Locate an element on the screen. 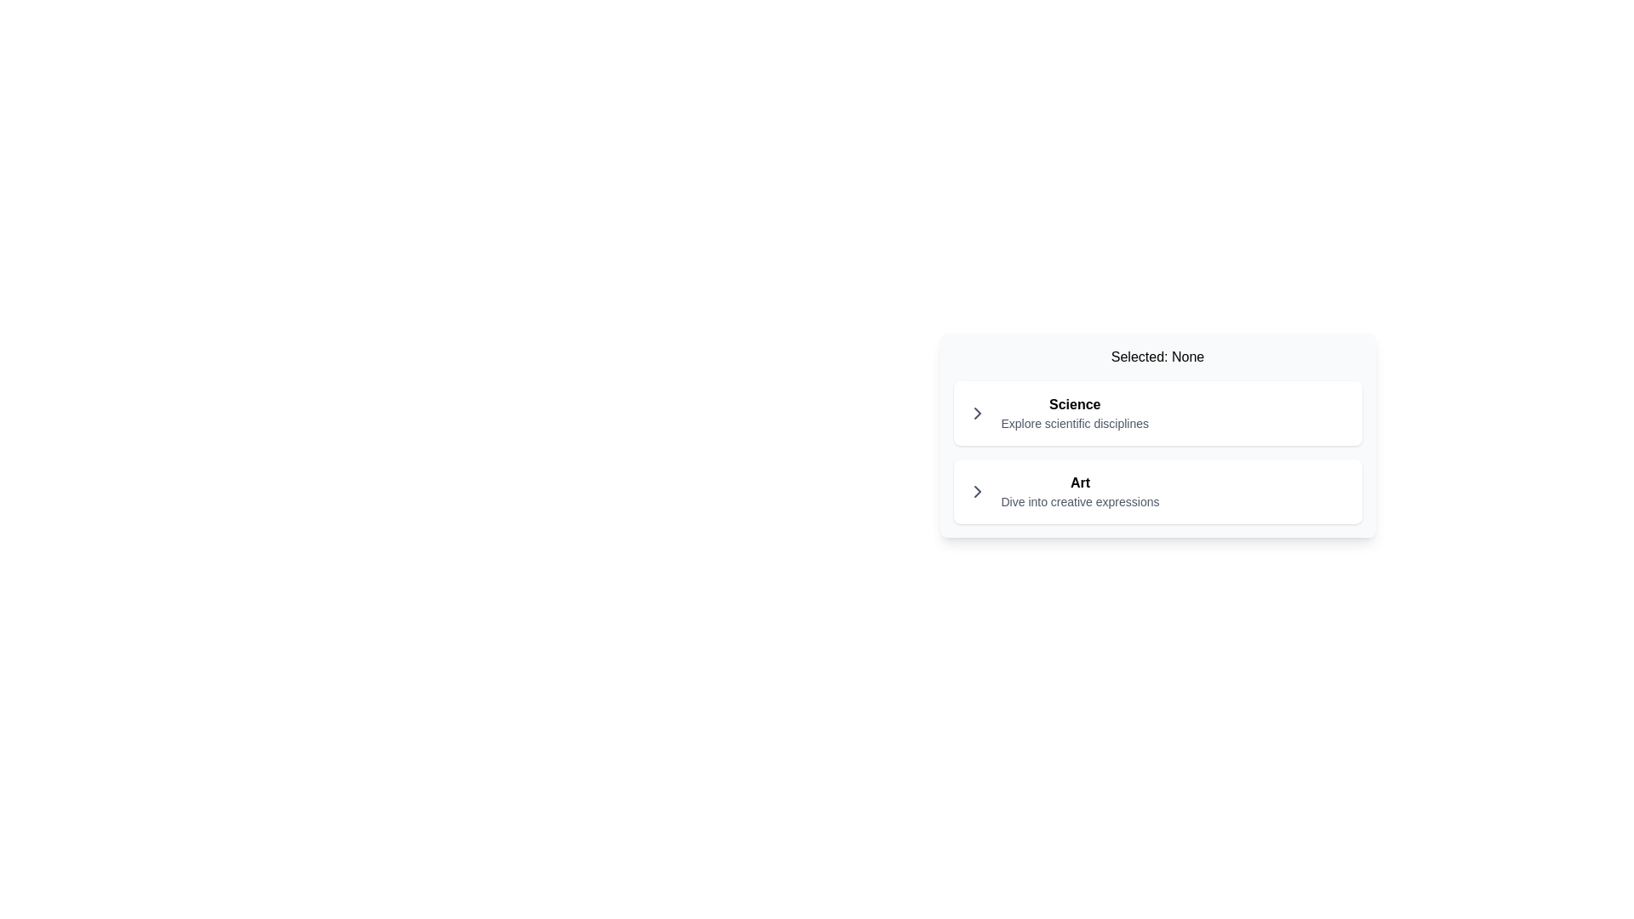 The width and height of the screenshot is (1634, 919). the selectable list item for the 'Art' category, which is the second item in a vertically stacked list under the heading 'Selected: None' is located at coordinates (1079, 492).